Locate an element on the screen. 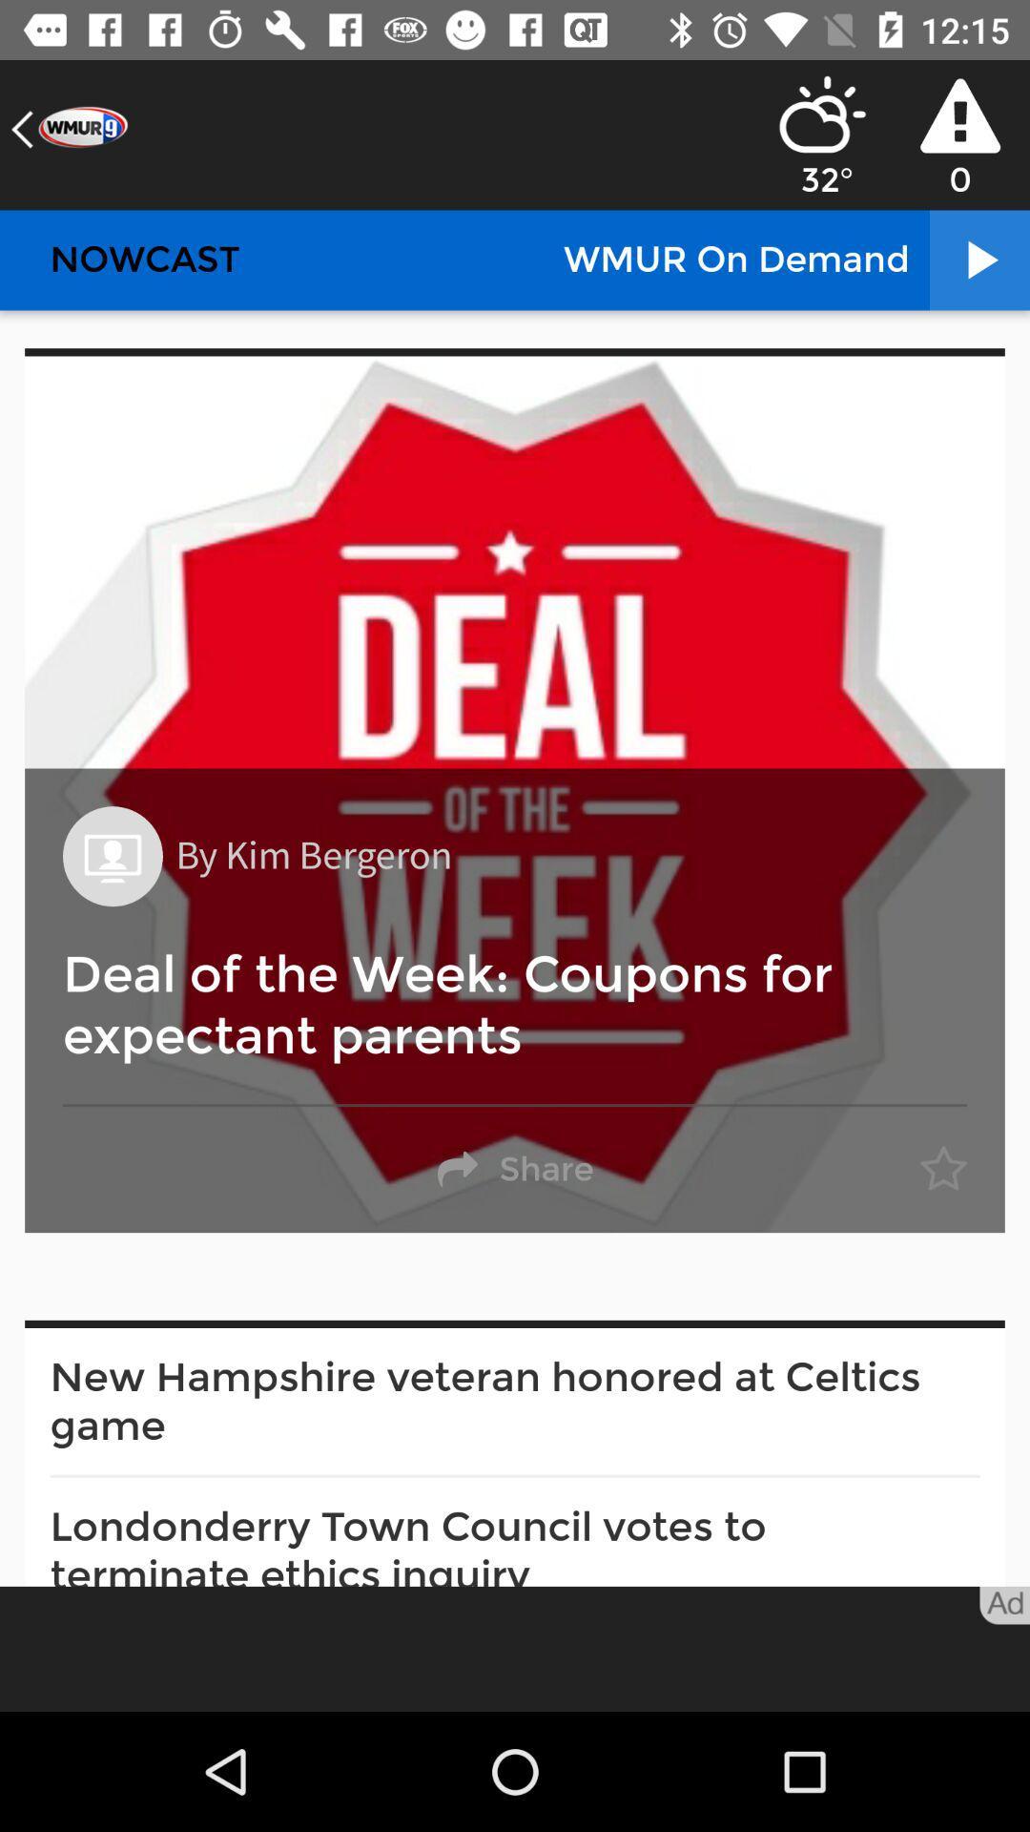  item to the left of the by kim bergeron item is located at coordinates (113, 855).